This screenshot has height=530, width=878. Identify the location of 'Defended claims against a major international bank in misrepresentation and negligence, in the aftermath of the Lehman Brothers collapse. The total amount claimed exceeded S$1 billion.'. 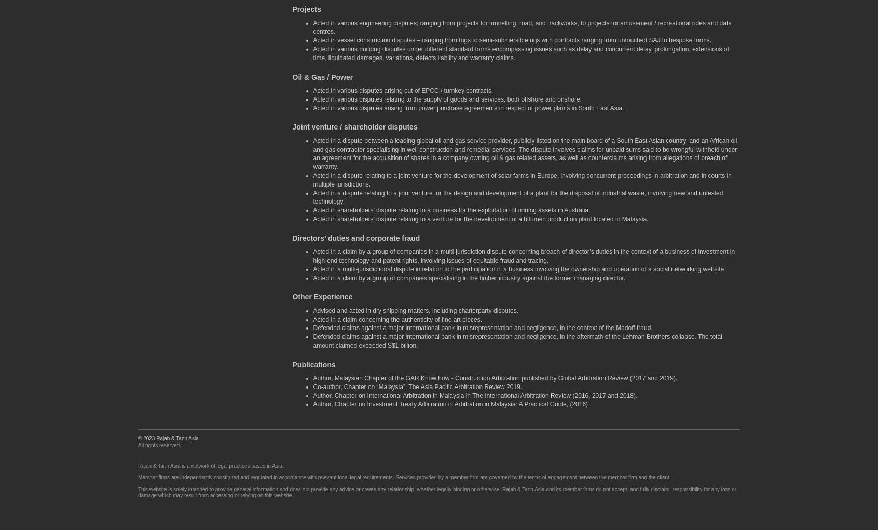
(516, 340).